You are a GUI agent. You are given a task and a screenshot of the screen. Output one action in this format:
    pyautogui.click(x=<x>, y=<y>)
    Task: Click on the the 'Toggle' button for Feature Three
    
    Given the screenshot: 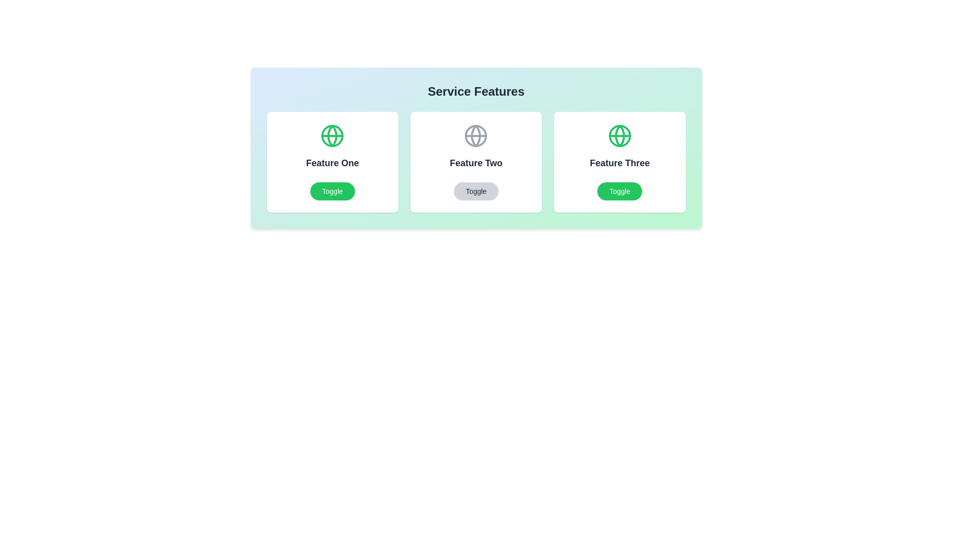 What is the action you would take?
    pyautogui.click(x=618, y=191)
    